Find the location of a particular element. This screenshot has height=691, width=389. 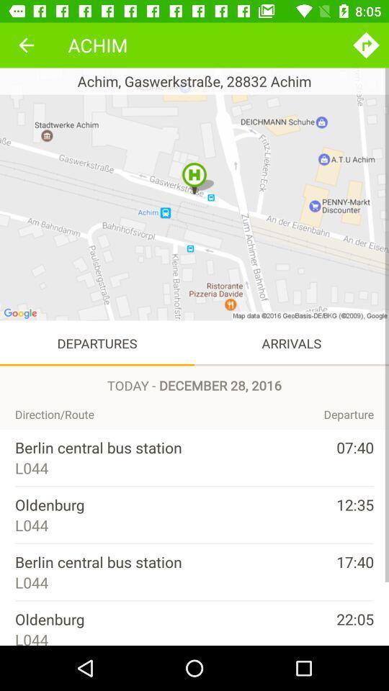

the icon at the top right corner is located at coordinates (366, 45).